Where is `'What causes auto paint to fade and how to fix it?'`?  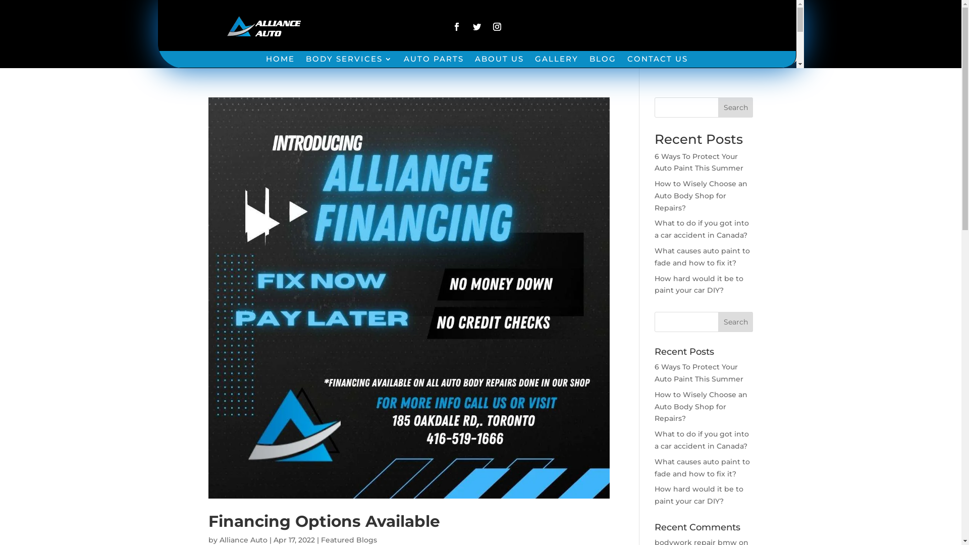 'What causes auto paint to fade and how to fix it?' is located at coordinates (702, 256).